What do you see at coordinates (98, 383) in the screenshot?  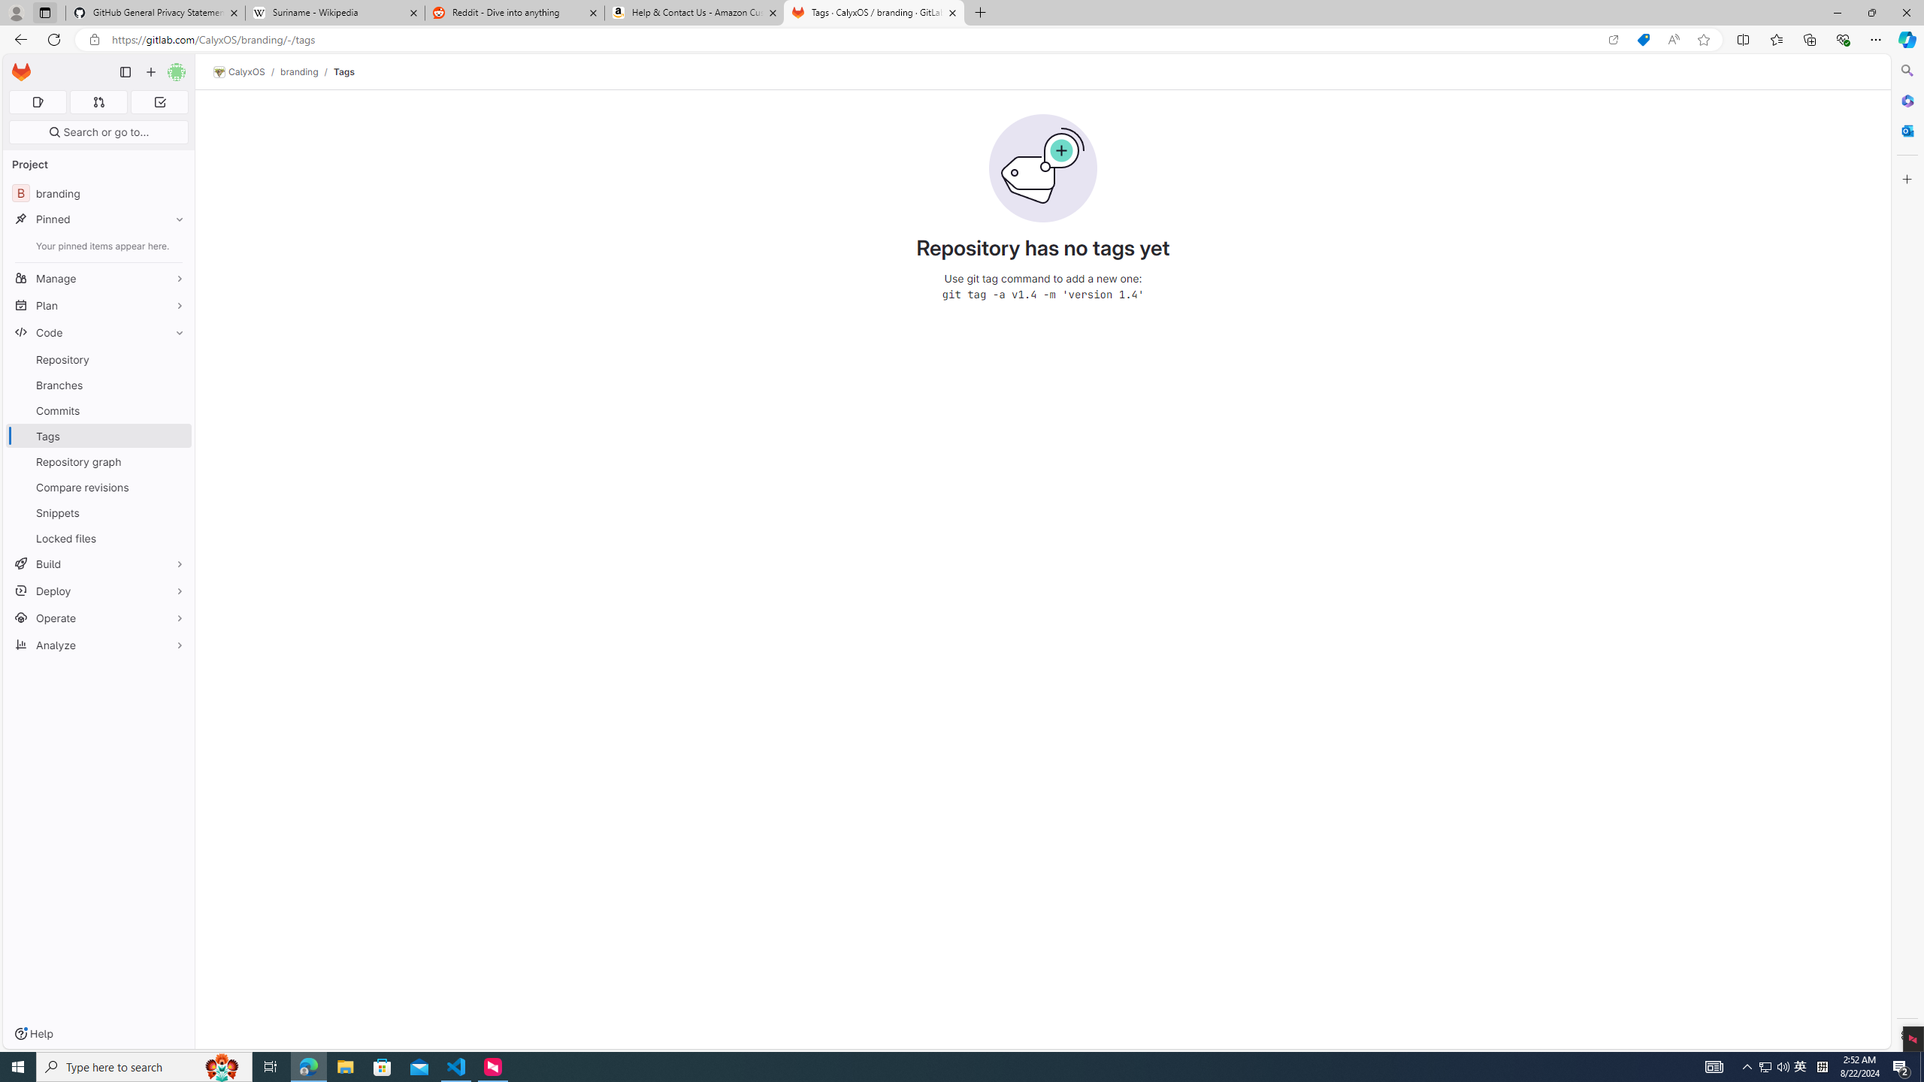 I see `'Branches'` at bounding box center [98, 383].